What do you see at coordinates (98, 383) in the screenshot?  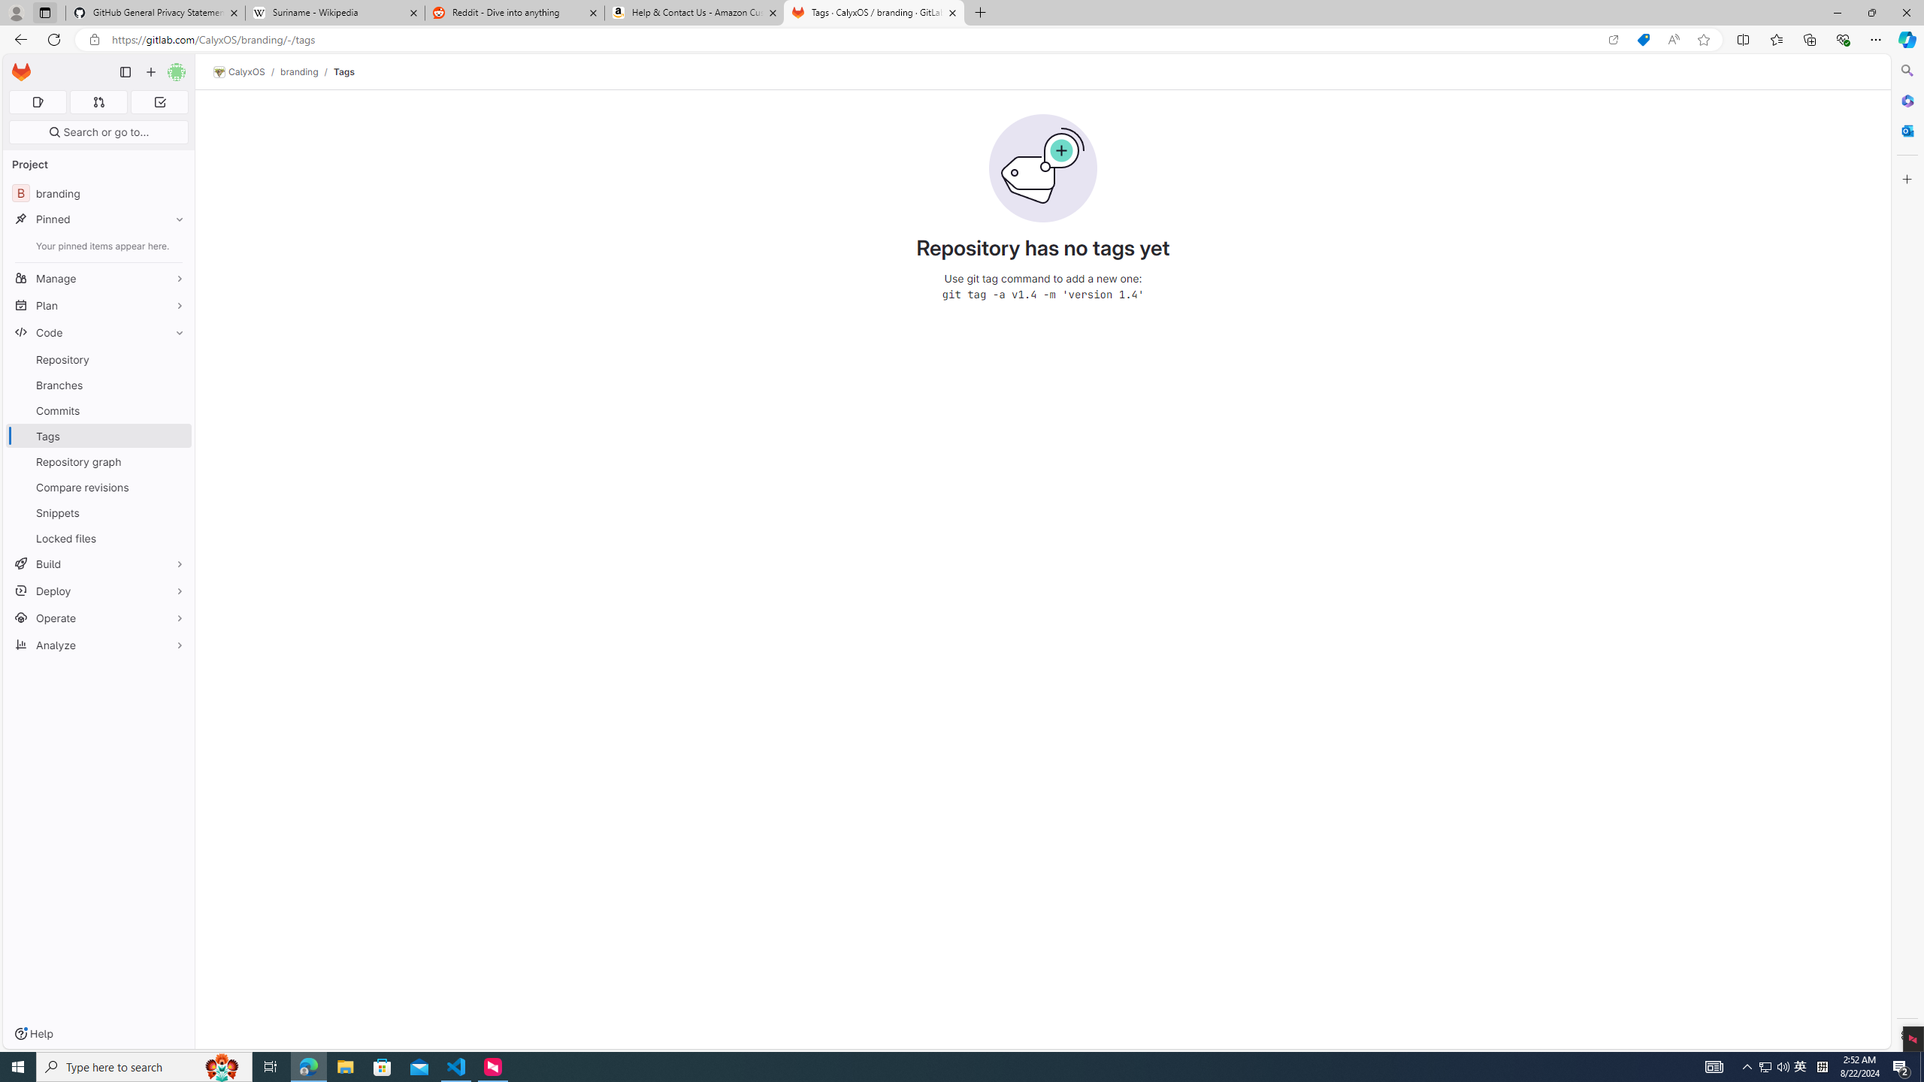 I see `'Branches'` at bounding box center [98, 383].